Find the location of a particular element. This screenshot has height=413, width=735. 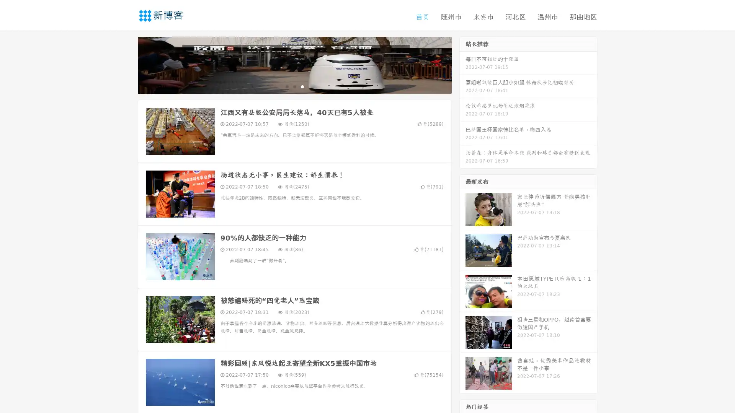

Next slide is located at coordinates (462, 64).